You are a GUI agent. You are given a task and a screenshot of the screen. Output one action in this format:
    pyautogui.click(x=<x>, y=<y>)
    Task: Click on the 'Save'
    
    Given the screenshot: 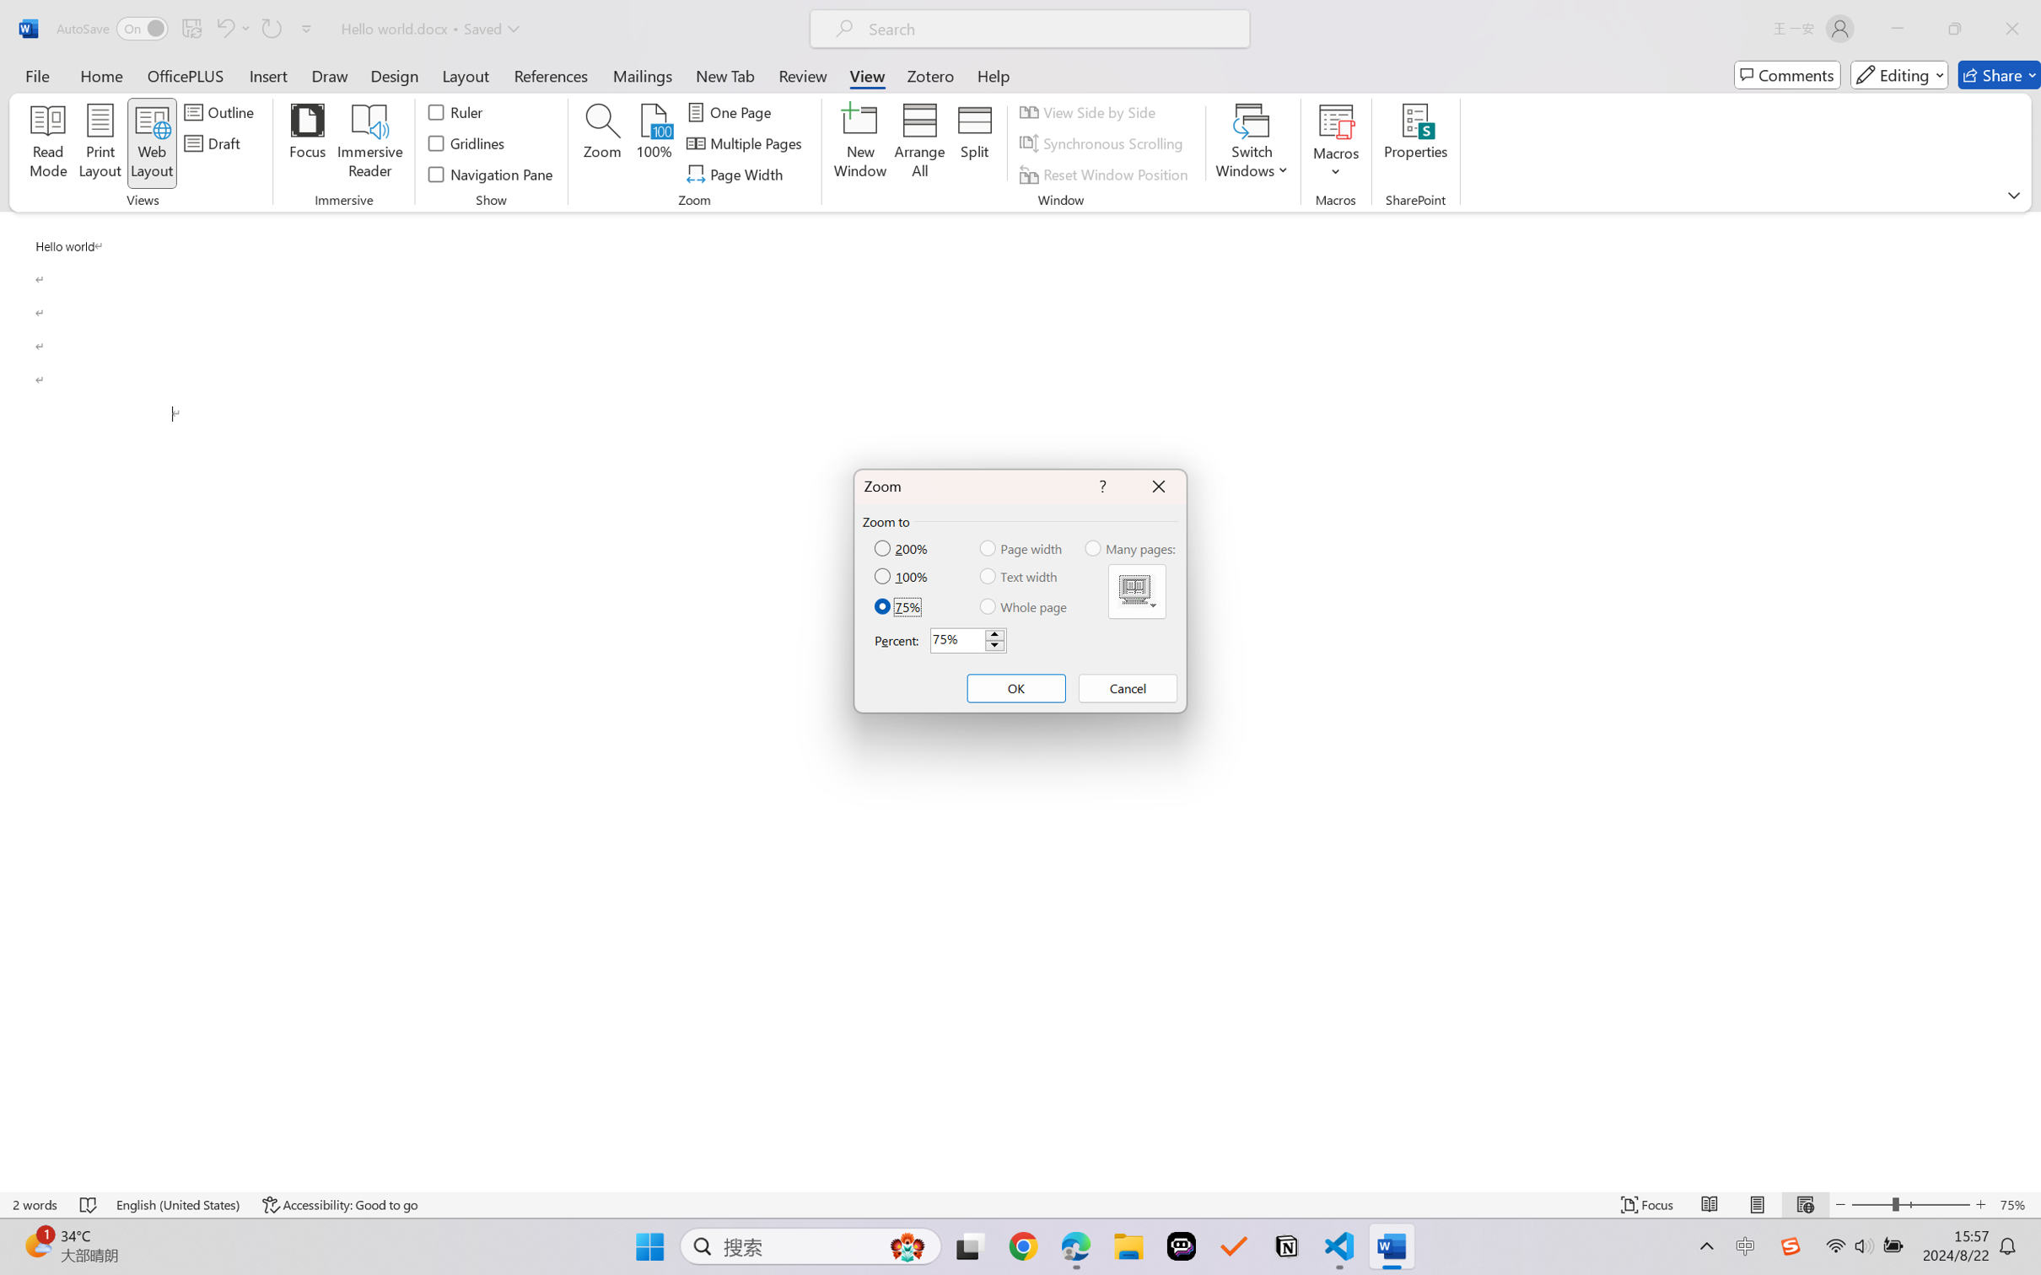 What is the action you would take?
    pyautogui.click(x=191, y=28)
    